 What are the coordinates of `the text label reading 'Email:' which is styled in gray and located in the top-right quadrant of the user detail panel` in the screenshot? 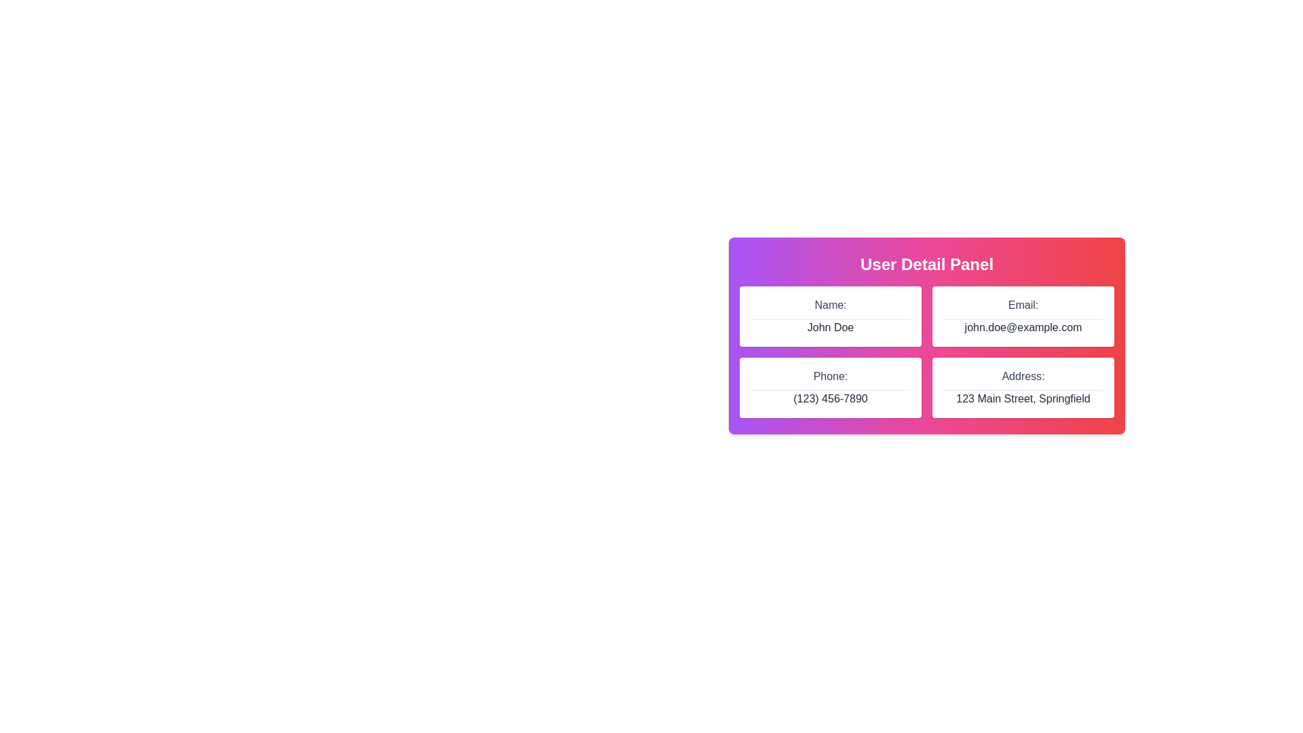 It's located at (1023, 305).